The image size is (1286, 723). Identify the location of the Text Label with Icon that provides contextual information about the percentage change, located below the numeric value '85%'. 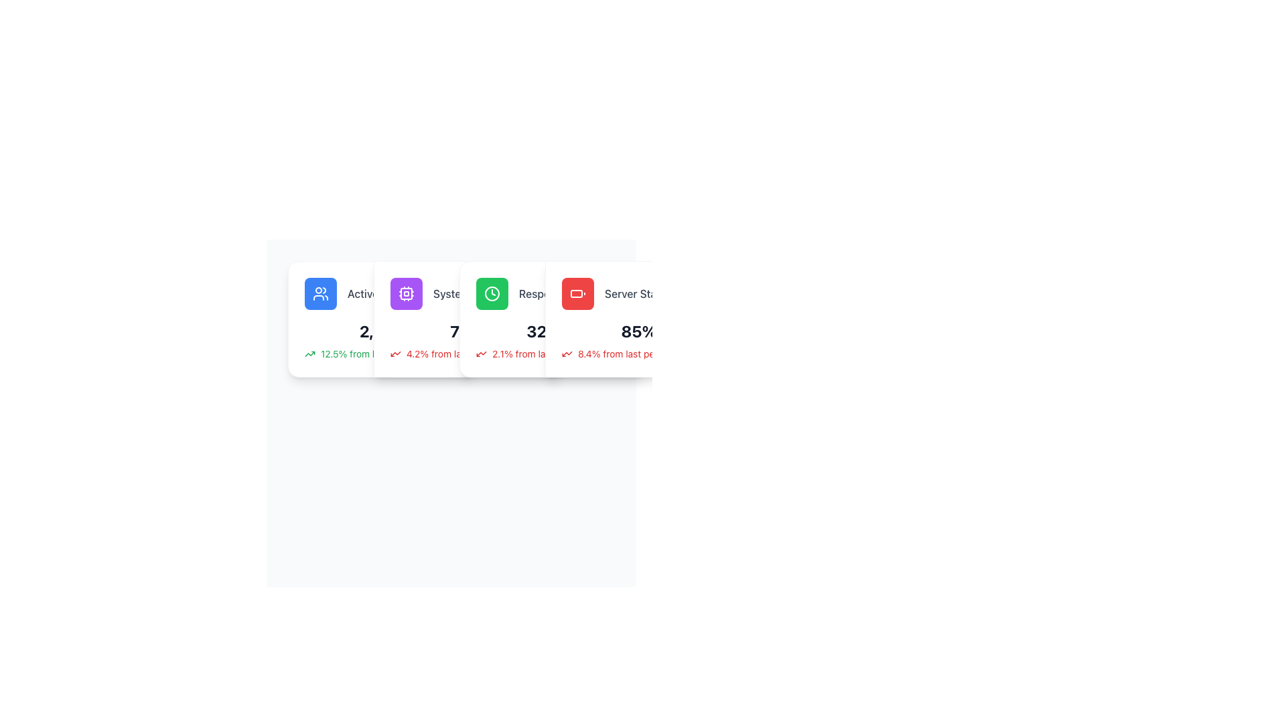
(638, 353).